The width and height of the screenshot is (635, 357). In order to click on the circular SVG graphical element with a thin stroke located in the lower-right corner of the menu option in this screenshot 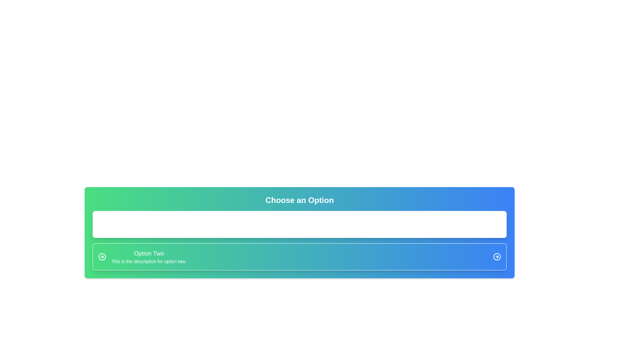, I will do `click(497, 256)`.